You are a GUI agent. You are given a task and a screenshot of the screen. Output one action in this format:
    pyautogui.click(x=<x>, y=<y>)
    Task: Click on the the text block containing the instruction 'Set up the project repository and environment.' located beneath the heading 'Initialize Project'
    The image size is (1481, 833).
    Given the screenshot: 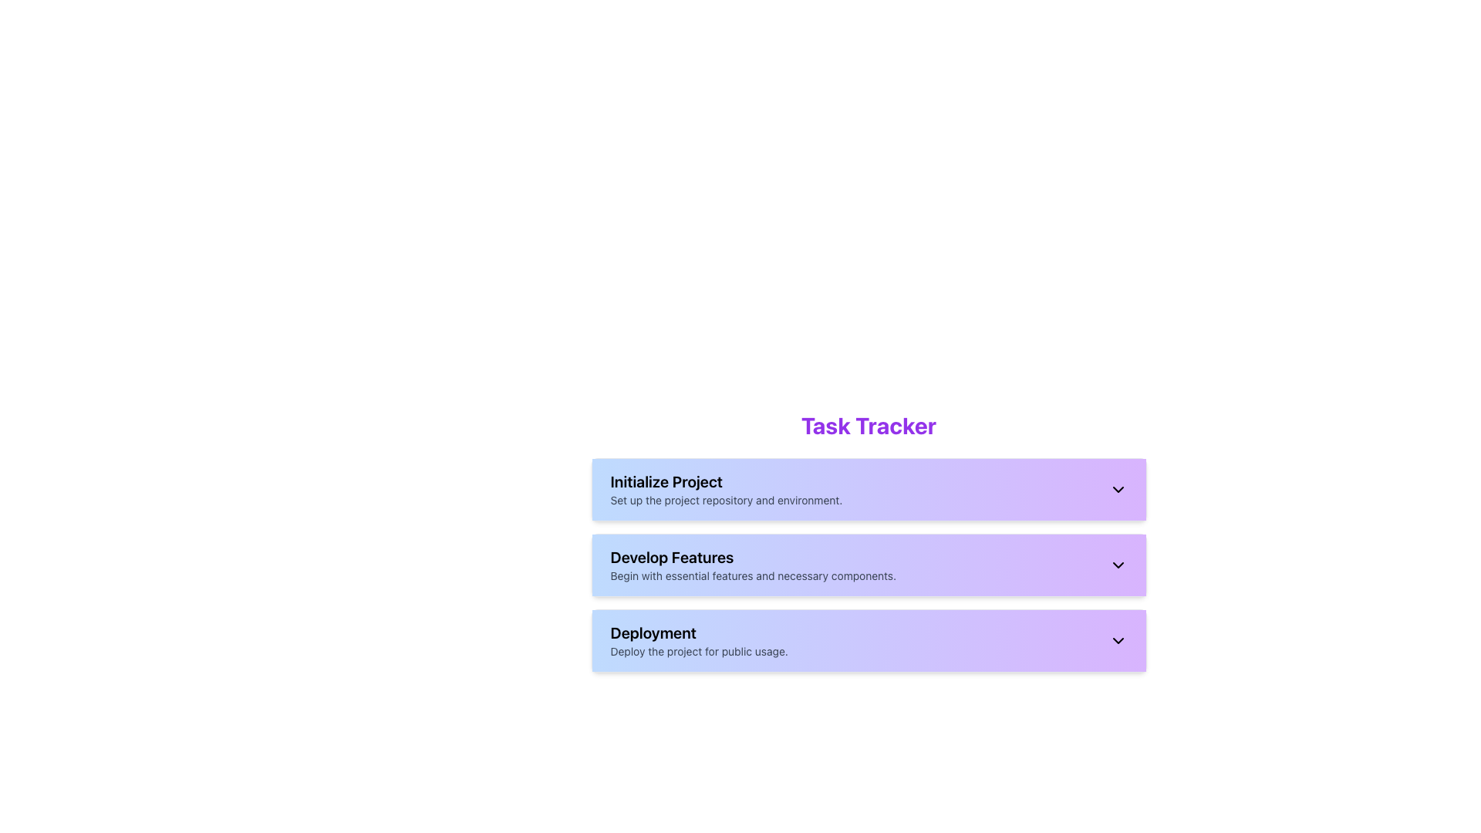 What is the action you would take?
    pyautogui.click(x=725, y=500)
    